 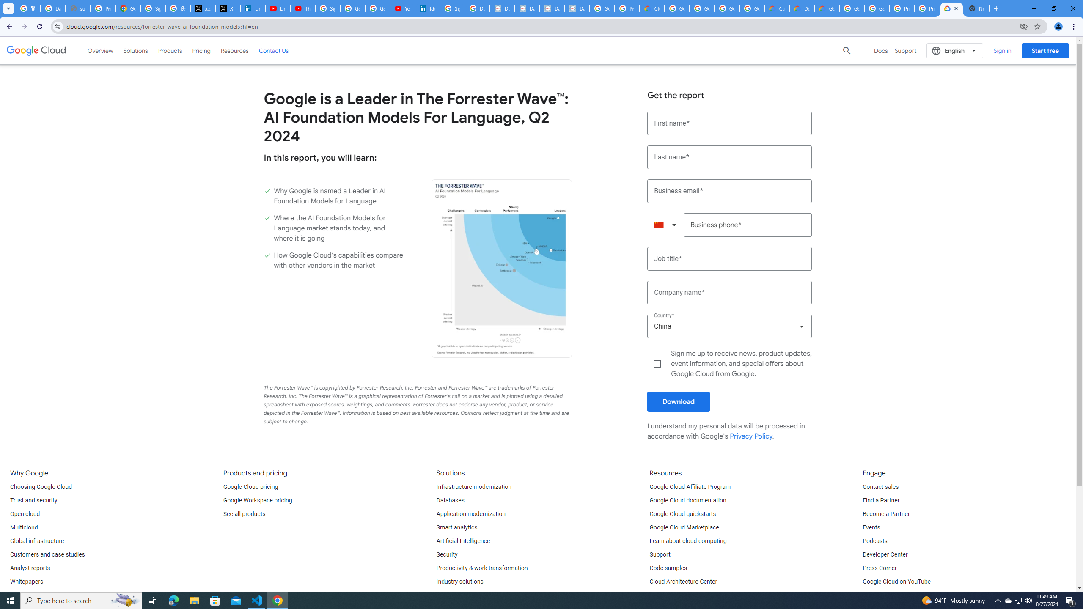 What do you see at coordinates (729, 259) in the screenshot?
I see `'Job title*'` at bounding box center [729, 259].